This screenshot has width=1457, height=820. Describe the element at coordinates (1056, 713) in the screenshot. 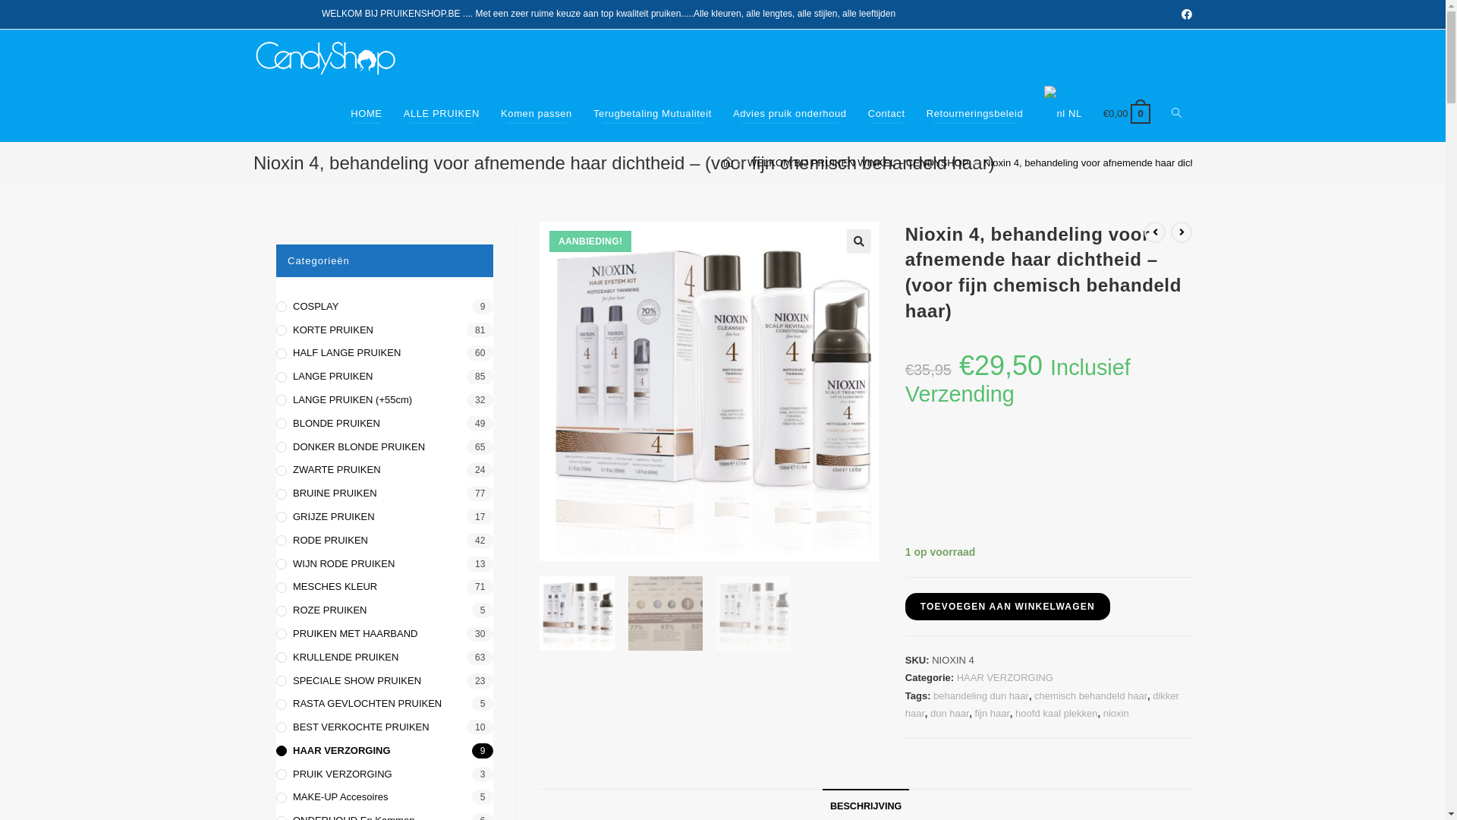

I see `'hoofd kaal plekken'` at that location.